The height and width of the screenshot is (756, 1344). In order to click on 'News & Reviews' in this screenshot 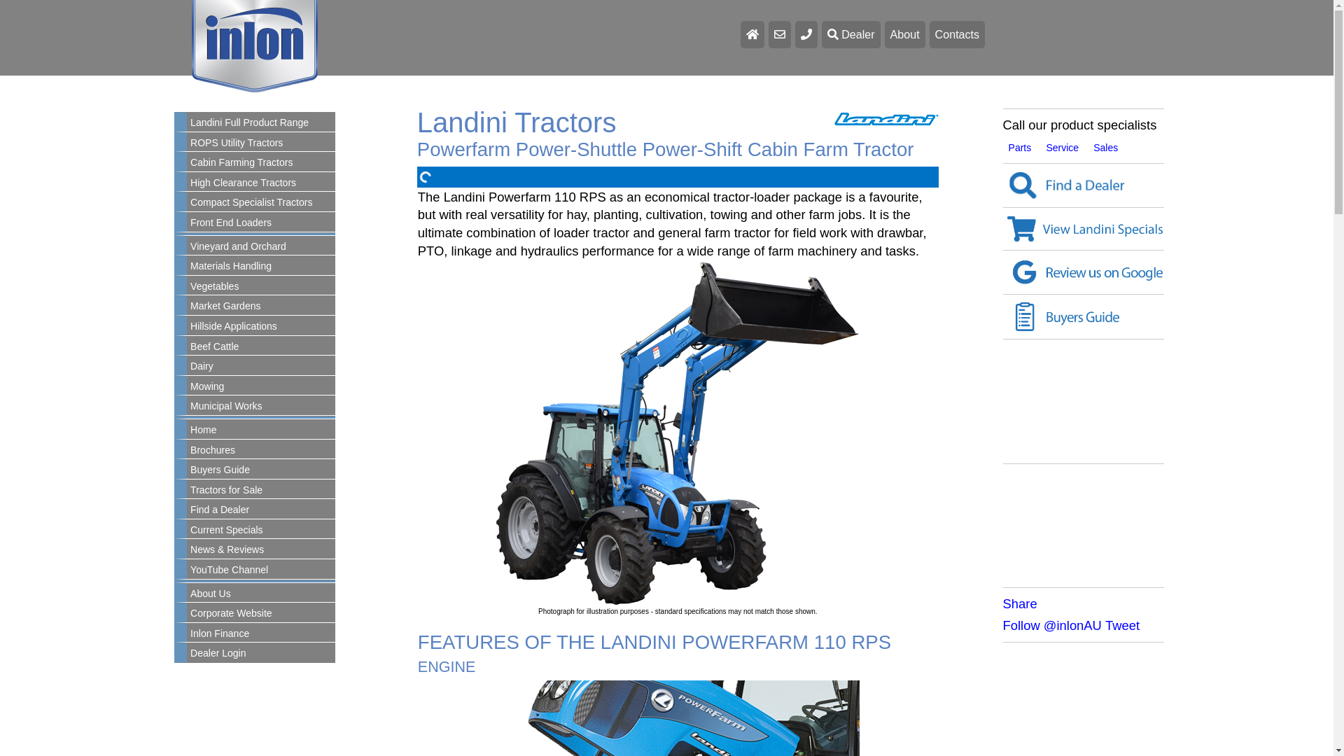, I will do `click(261, 549)`.